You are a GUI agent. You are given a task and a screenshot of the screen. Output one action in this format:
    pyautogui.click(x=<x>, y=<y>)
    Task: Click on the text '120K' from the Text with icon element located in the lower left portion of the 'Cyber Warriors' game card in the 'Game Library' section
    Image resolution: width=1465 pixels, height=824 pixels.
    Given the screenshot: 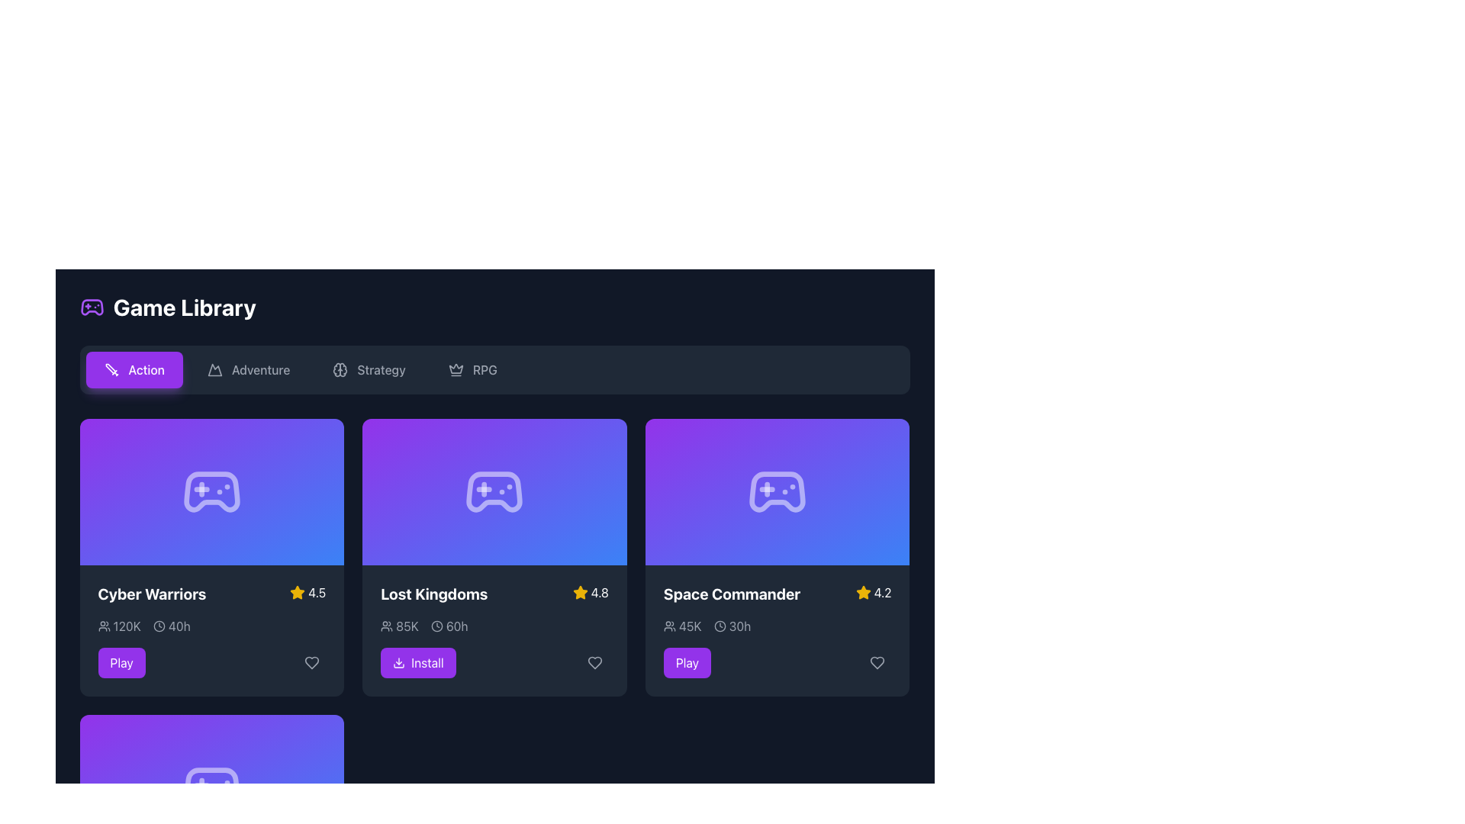 What is the action you would take?
    pyautogui.click(x=118, y=626)
    